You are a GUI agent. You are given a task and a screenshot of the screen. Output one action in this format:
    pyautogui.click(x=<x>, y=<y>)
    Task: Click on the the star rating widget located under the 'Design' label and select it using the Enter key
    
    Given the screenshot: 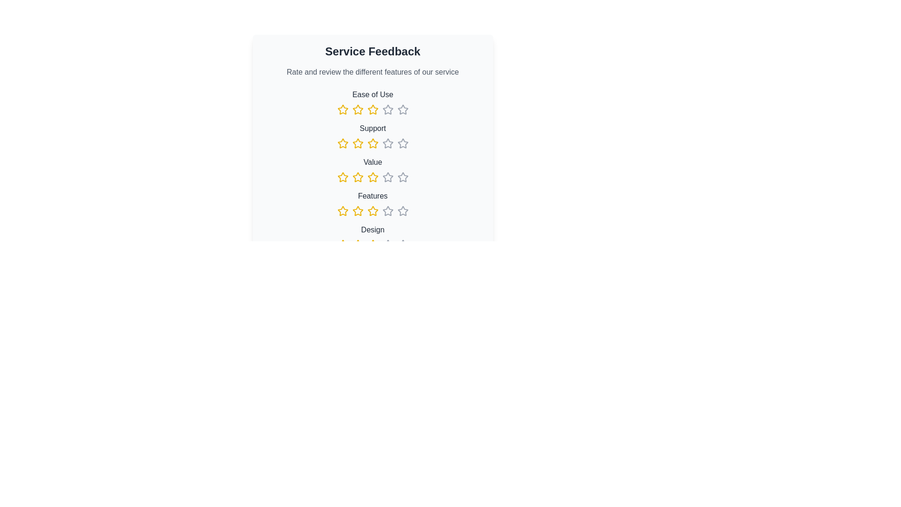 What is the action you would take?
    pyautogui.click(x=372, y=244)
    